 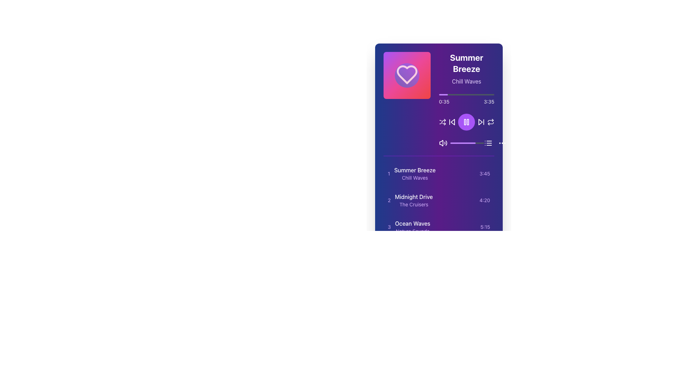 What do you see at coordinates (438, 227) in the screenshot?
I see `the third entry in the audio track list` at bounding box center [438, 227].